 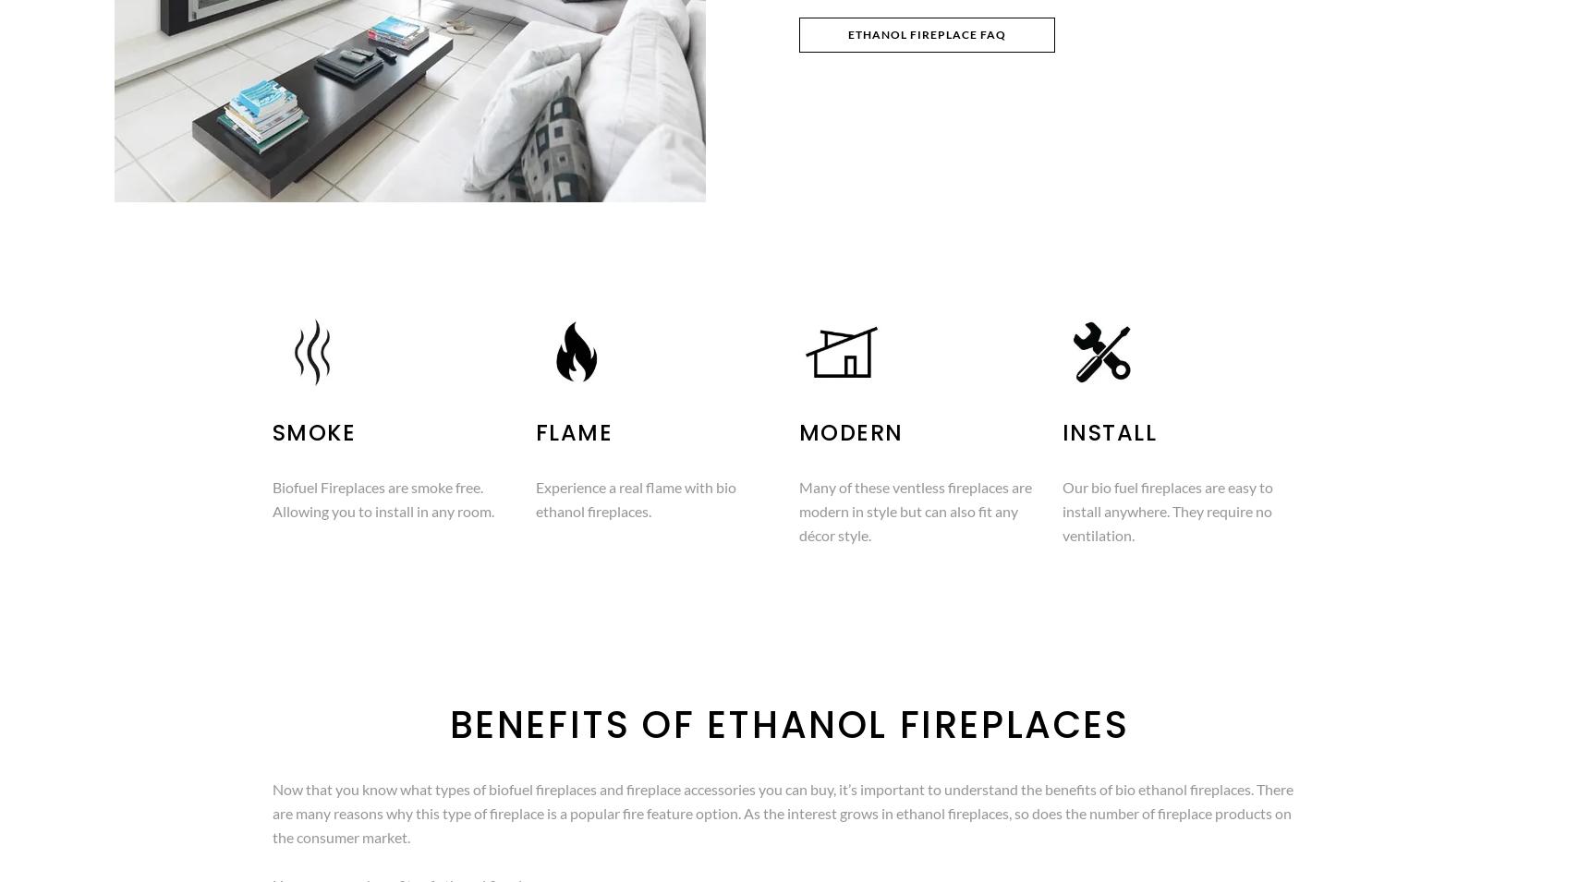 I want to click on 'Experience a real flame with bio ethanol fireplaces.', so click(x=634, y=499).